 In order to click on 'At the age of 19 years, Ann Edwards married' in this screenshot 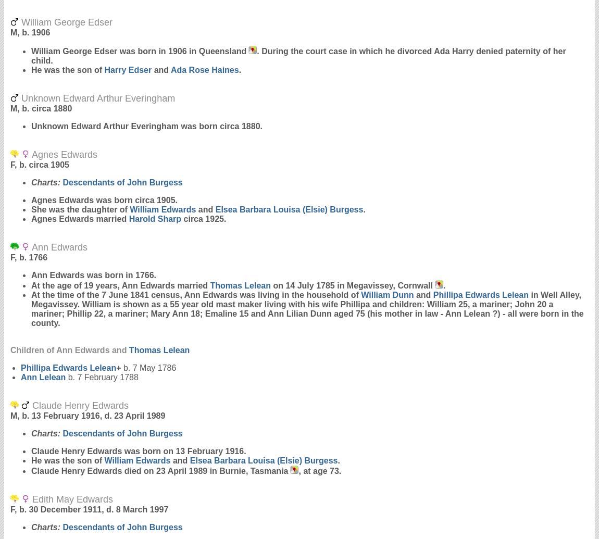, I will do `click(120, 285)`.